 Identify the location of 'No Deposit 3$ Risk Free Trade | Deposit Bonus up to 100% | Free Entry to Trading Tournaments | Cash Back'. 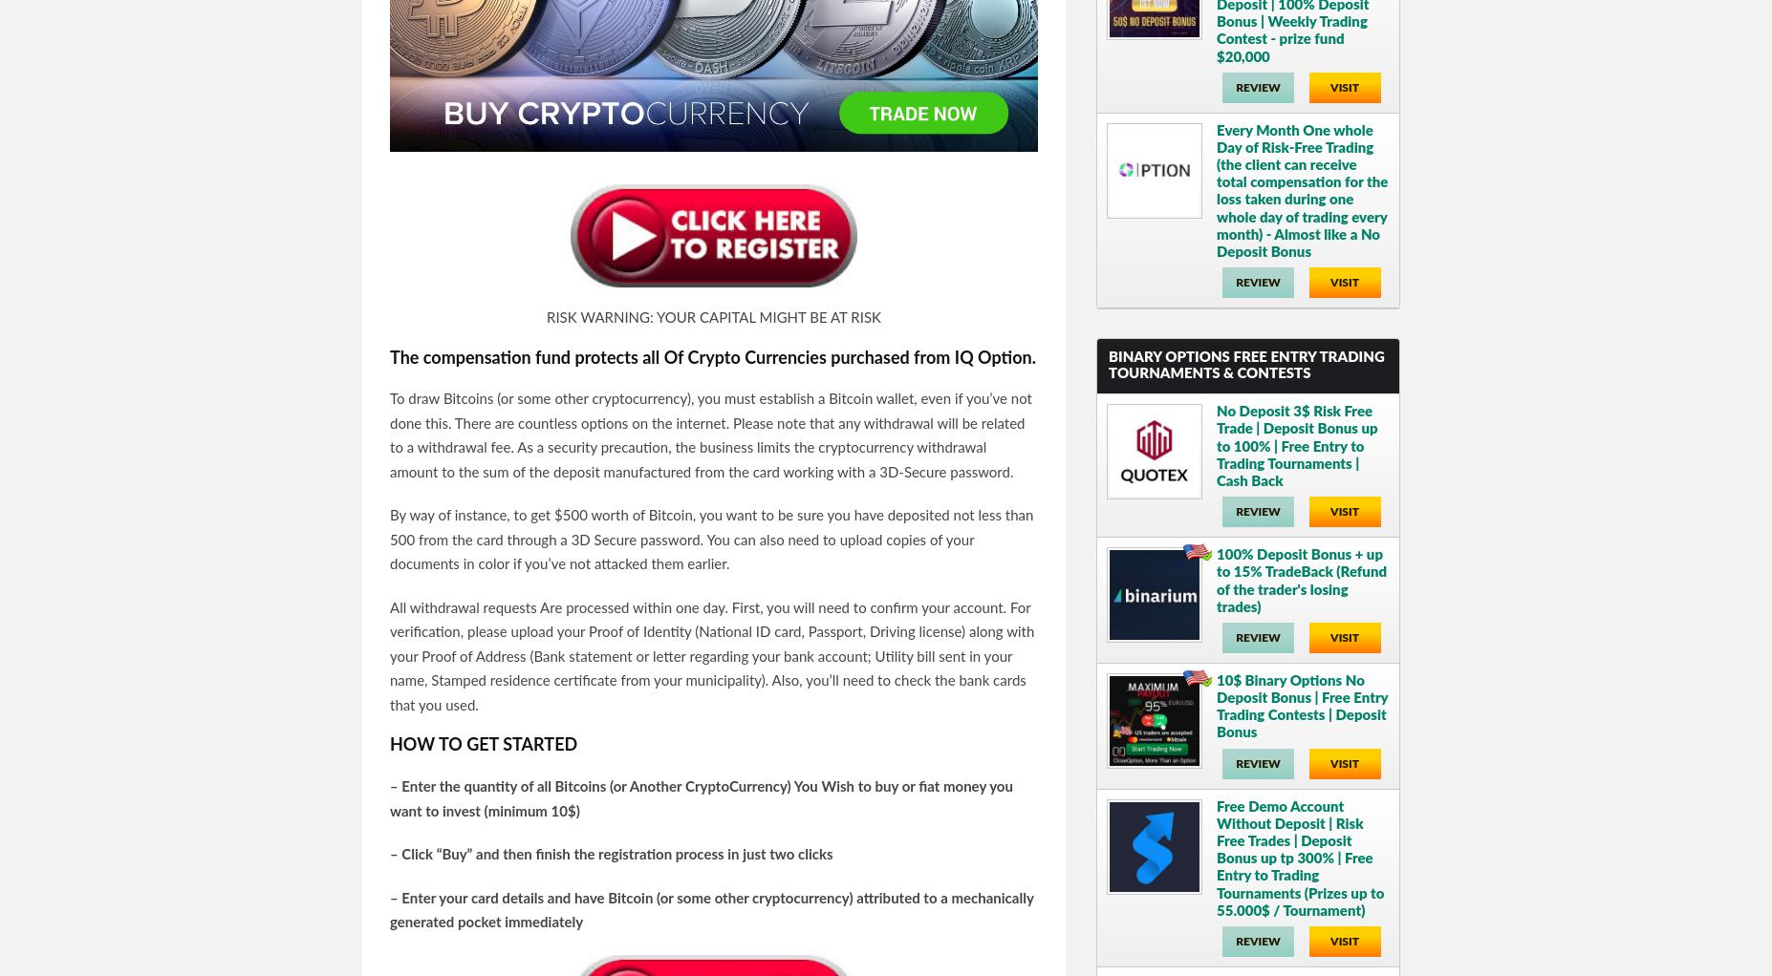
(1295, 445).